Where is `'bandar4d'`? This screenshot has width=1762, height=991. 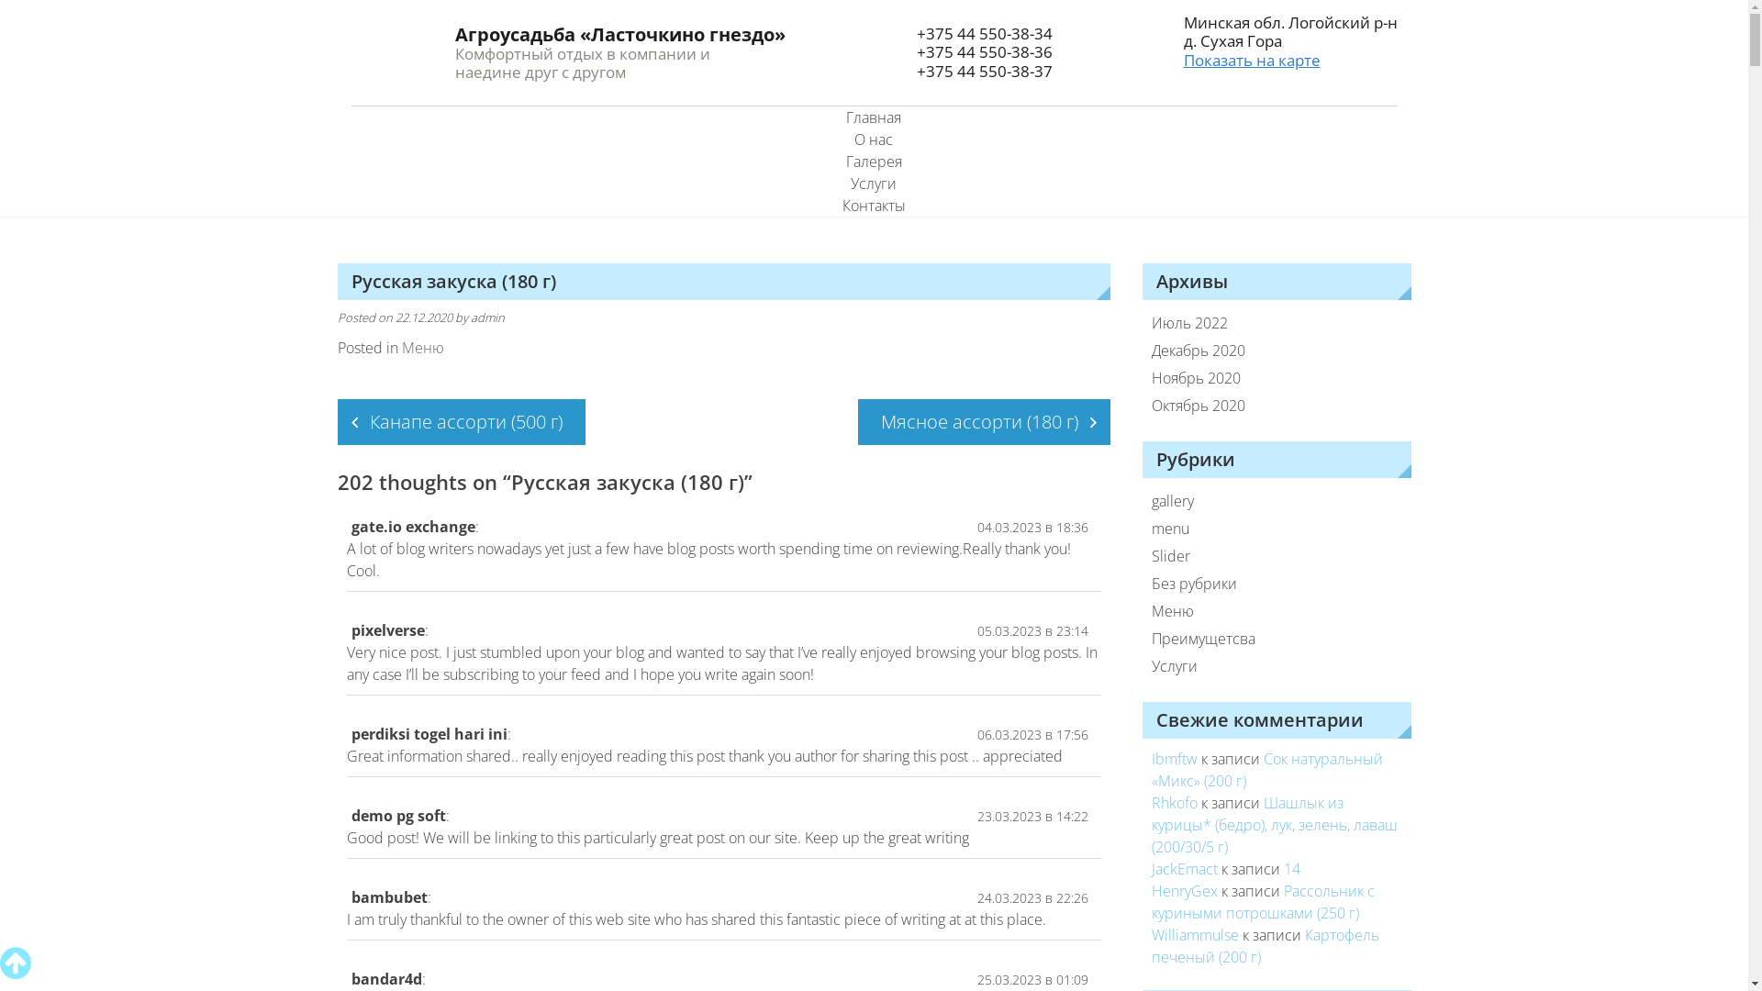 'bandar4d' is located at coordinates (385, 978).